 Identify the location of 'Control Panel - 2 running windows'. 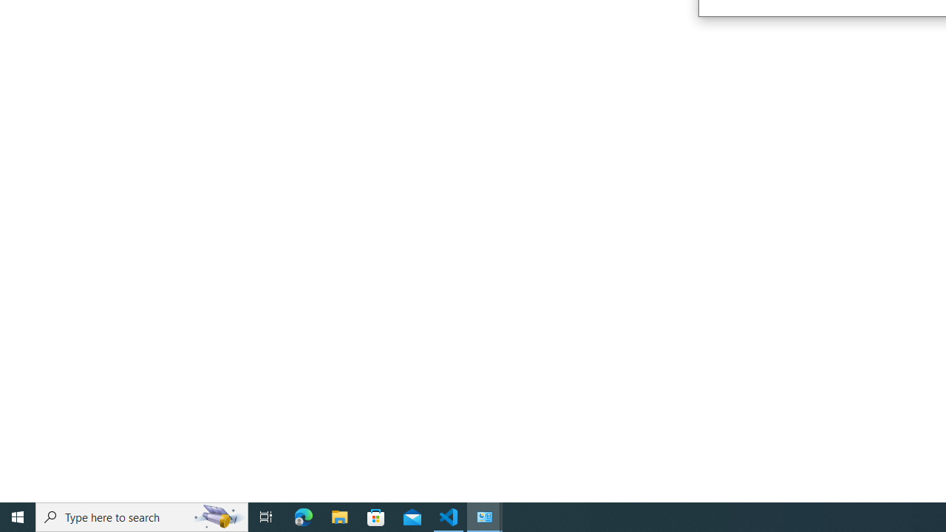
(485, 516).